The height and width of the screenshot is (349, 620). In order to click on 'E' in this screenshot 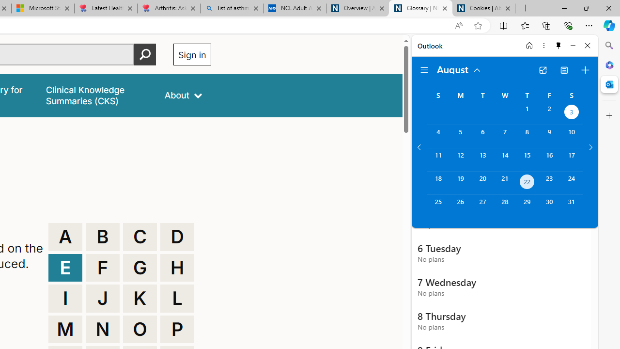, I will do `click(65, 268)`.